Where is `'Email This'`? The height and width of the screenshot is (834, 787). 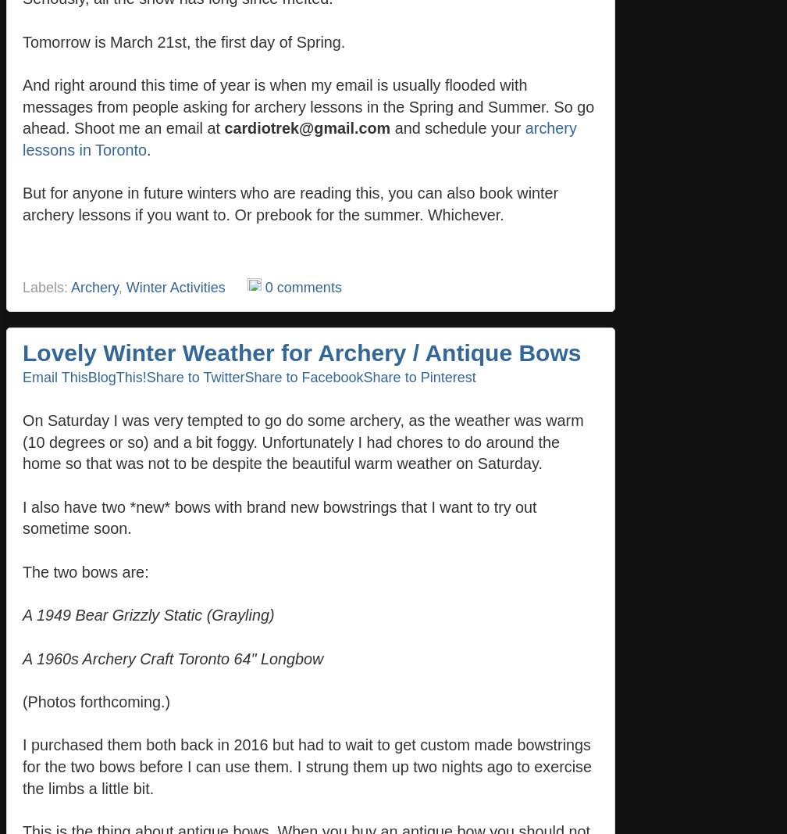 'Email This' is located at coordinates (55, 377).